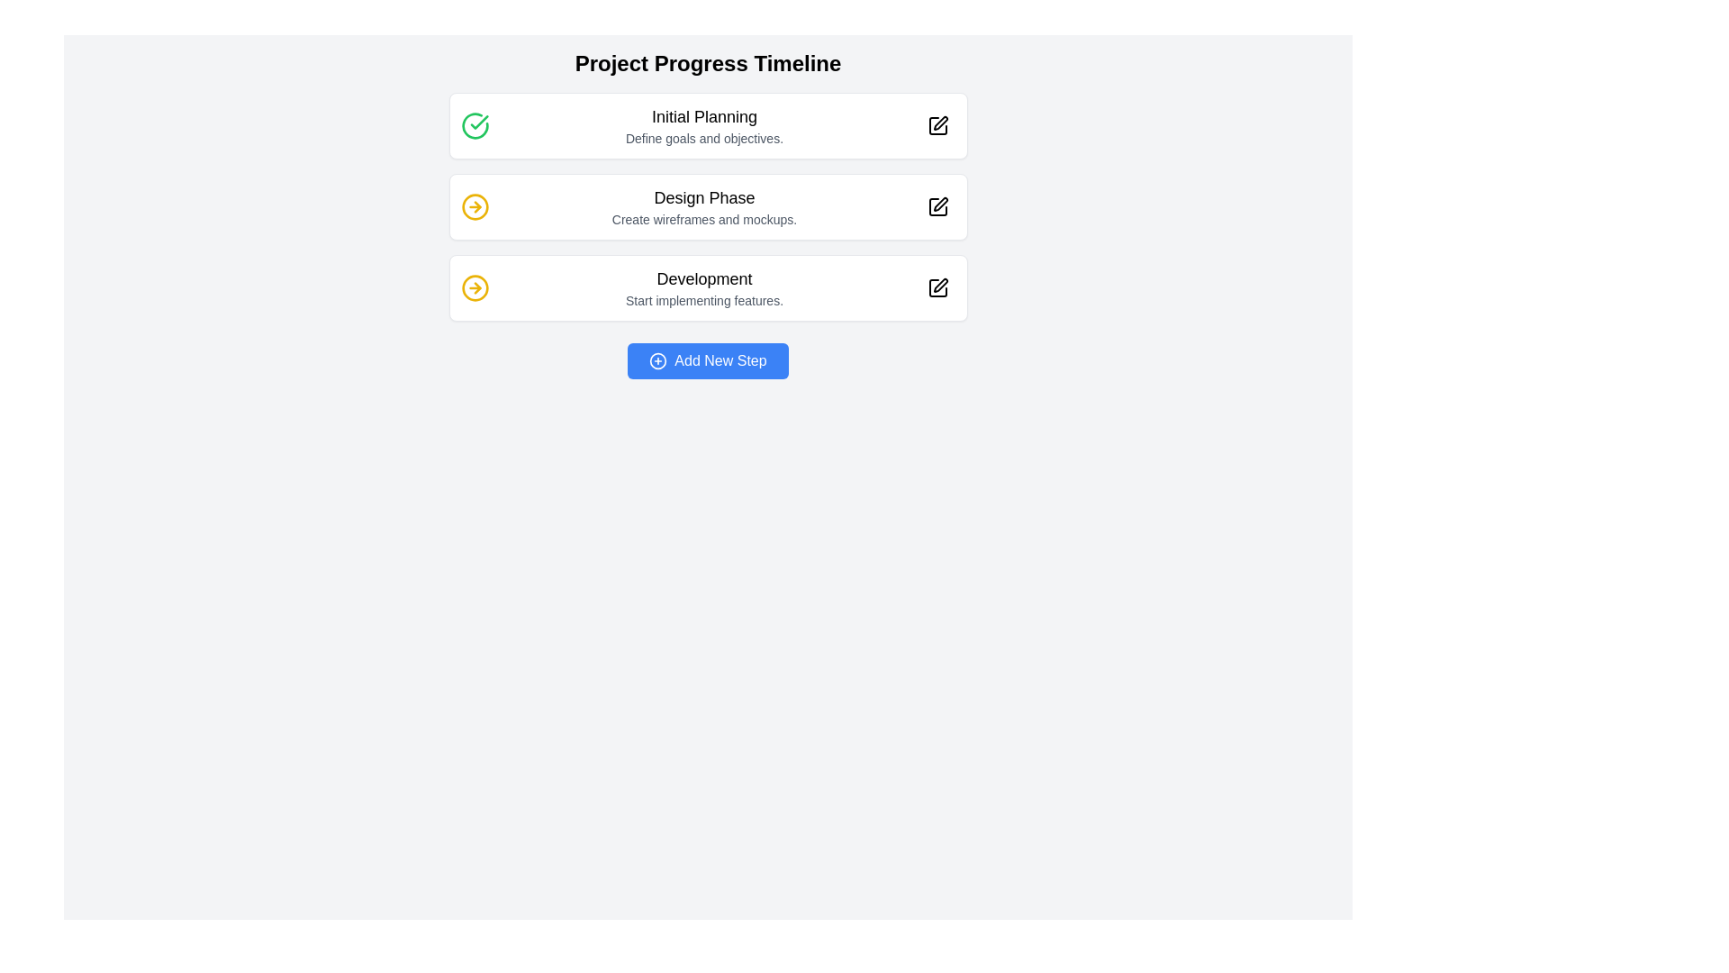 This screenshot has width=1729, height=973. Describe the element at coordinates (475, 124) in the screenshot. I see `the green circle icon with a checkmark, located in the 'Initial Planning' card of the 'Project Progress Timeline' section, to check its state indication` at that location.